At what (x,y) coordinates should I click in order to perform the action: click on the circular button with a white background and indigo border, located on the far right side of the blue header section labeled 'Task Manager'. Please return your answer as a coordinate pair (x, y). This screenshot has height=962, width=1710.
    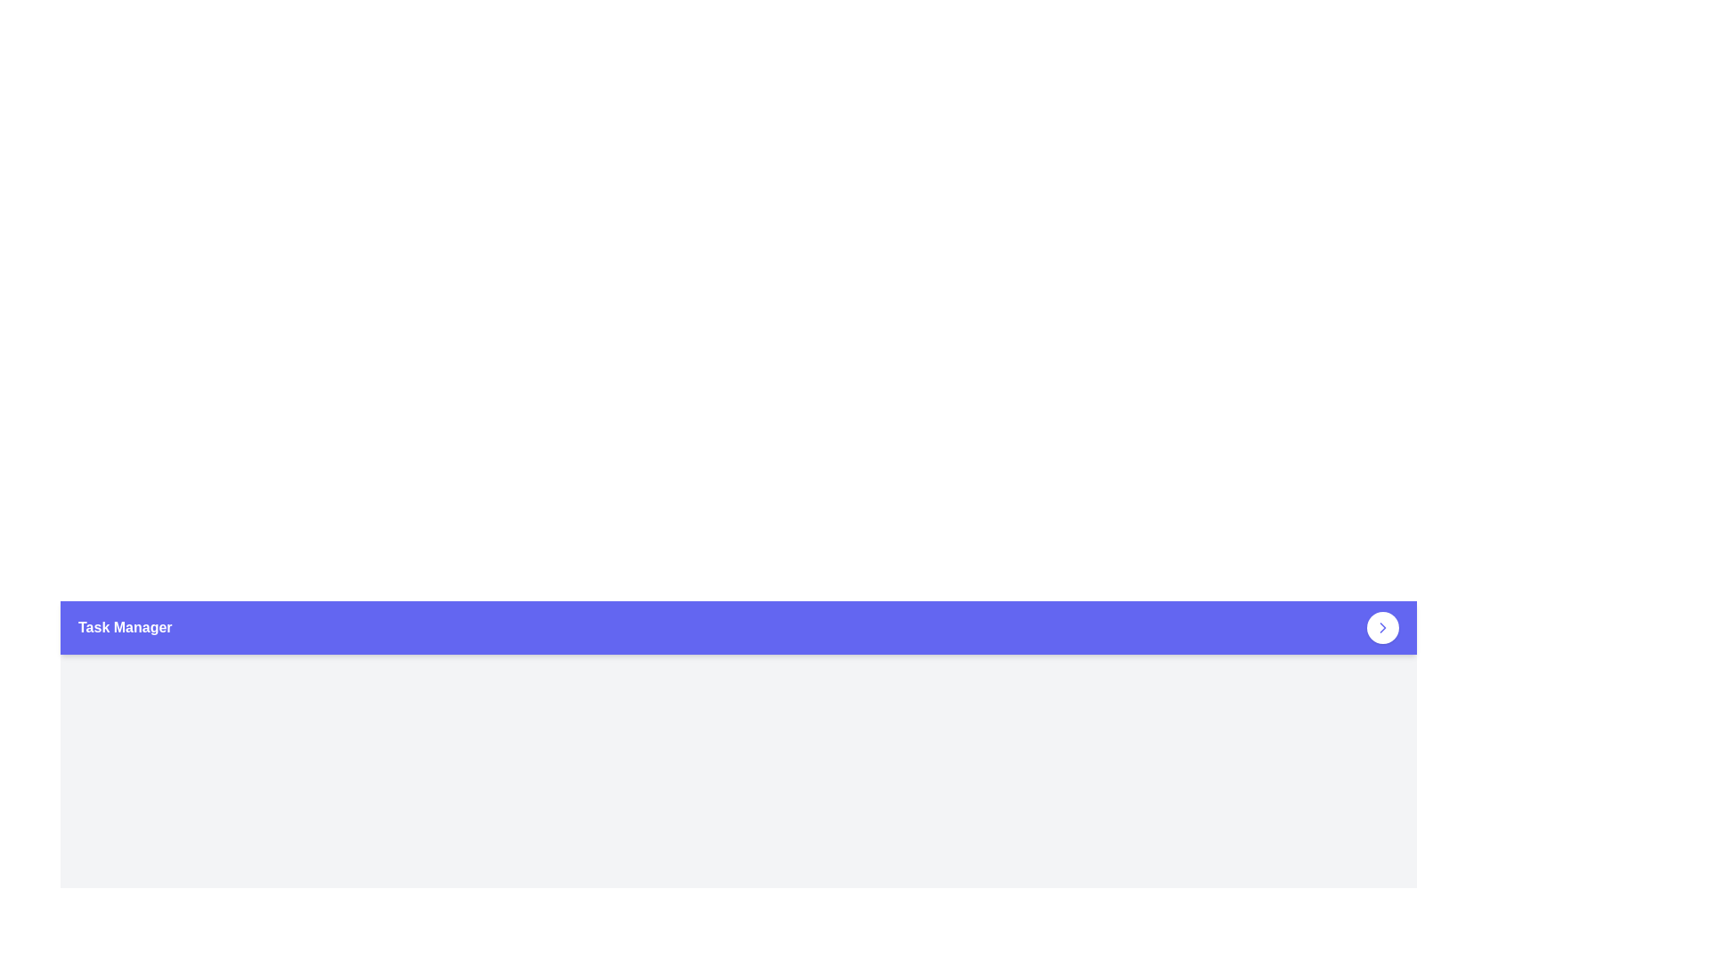
    Looking at the image, I should click on (1382, 627).